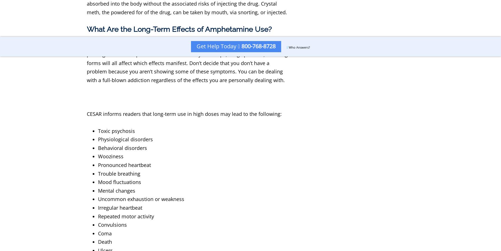  Describe the element at coordinates (125, 139) in the screenshot. I see `'Physiological disorders'` at that location.